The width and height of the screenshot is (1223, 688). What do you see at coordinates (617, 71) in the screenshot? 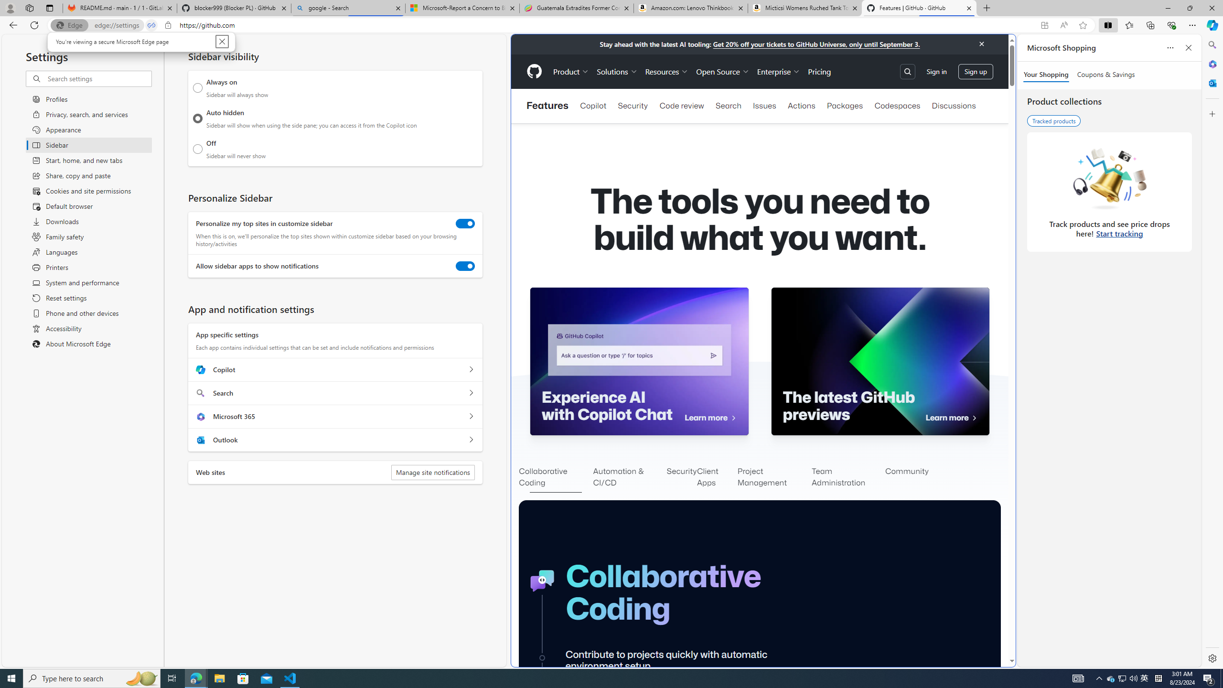
I see `'Solutions'` at bounding box center [617, 71].